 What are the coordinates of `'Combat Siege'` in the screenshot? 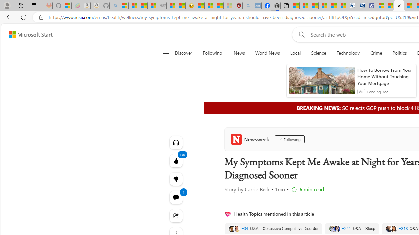 It's located at (162, 6).